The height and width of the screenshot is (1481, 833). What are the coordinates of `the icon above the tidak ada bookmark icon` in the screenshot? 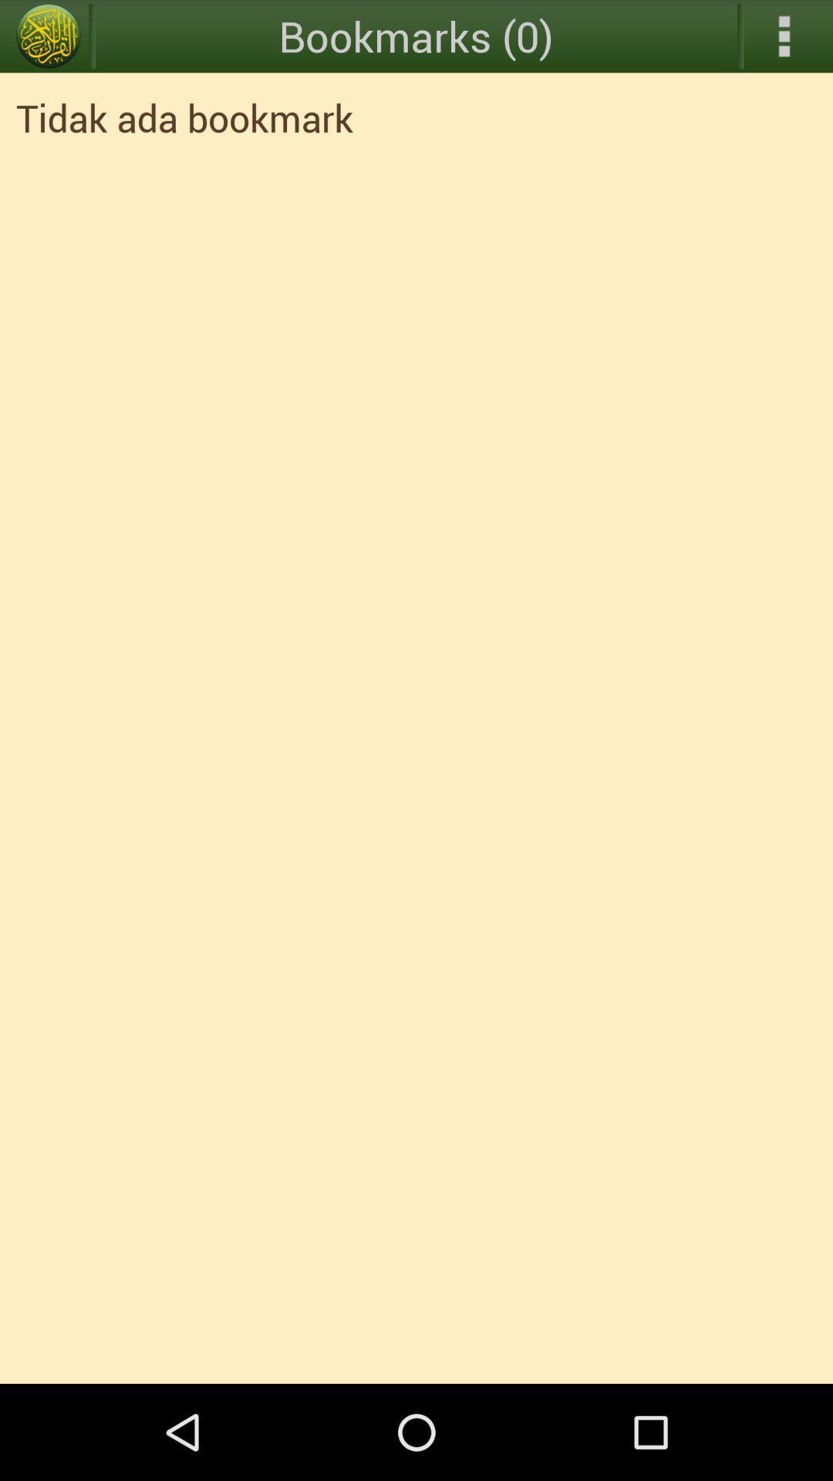 It's located at (784, 36).